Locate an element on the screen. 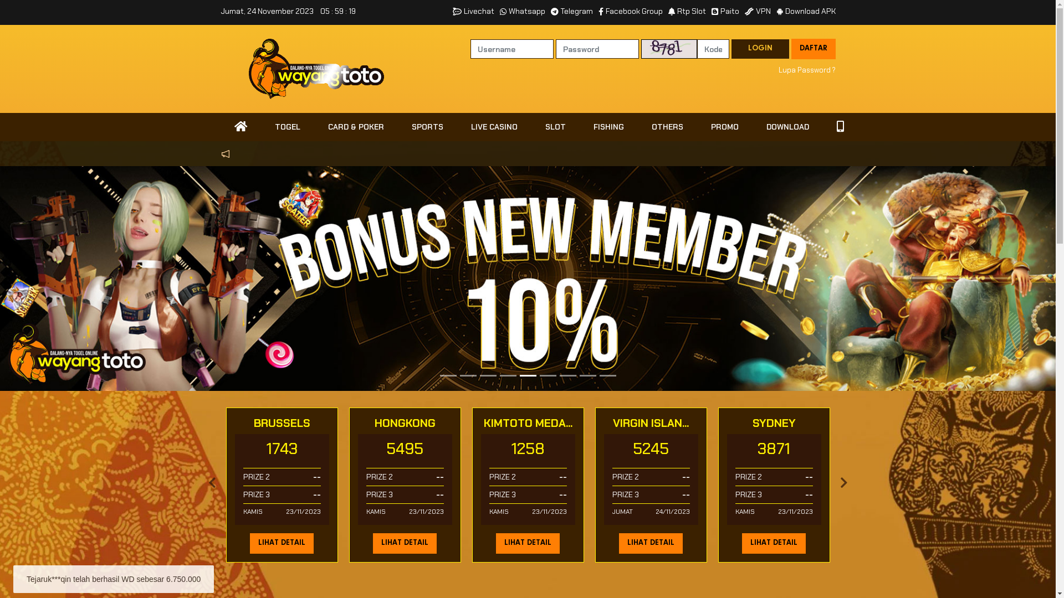  'VPN' is located at coordinates (757, 11).